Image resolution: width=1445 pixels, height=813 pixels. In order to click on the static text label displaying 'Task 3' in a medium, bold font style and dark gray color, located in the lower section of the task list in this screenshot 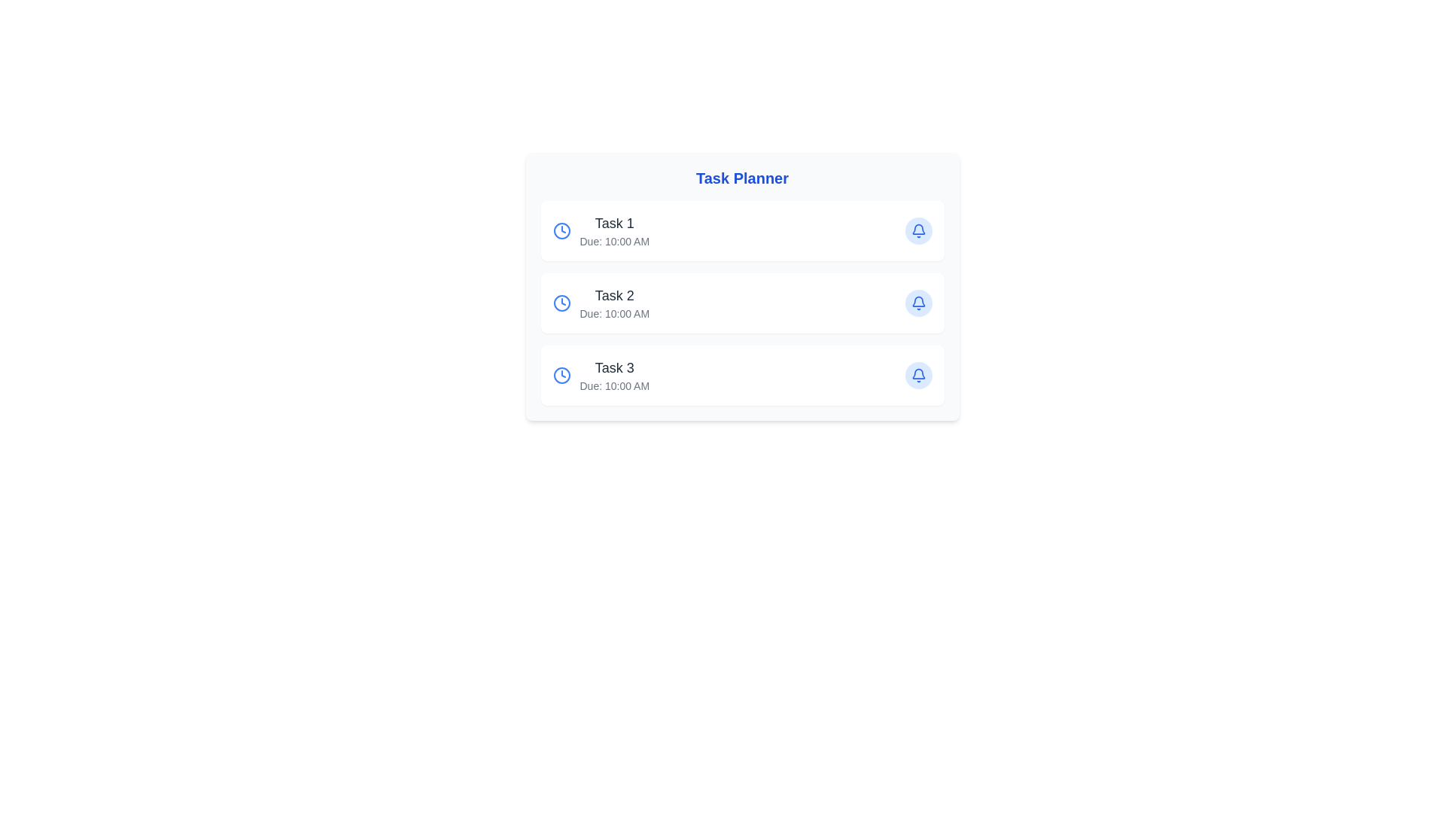, I will do `click(614, 368)`.